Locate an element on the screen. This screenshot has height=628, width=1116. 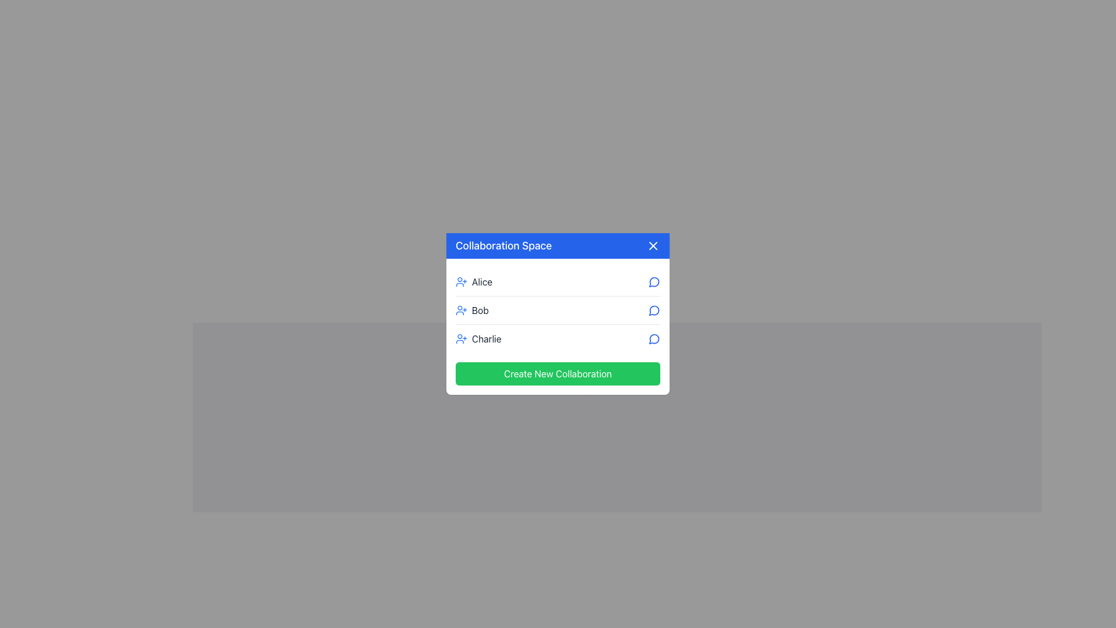
the second row in the list labeled 'Bob' is located at coordinates (558, 309).